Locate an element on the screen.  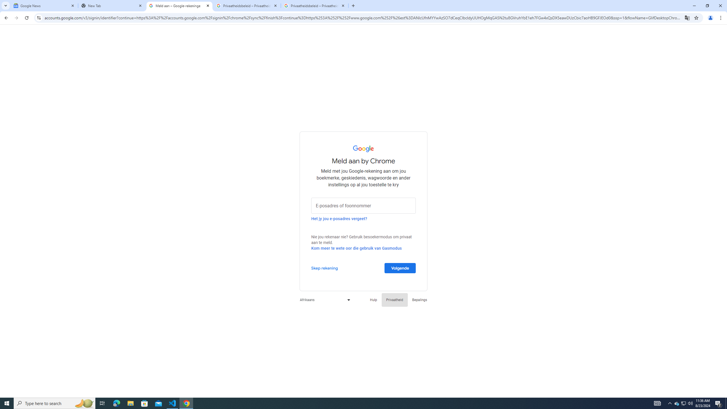
'Bepalings' is located at coordinates (419, 299).